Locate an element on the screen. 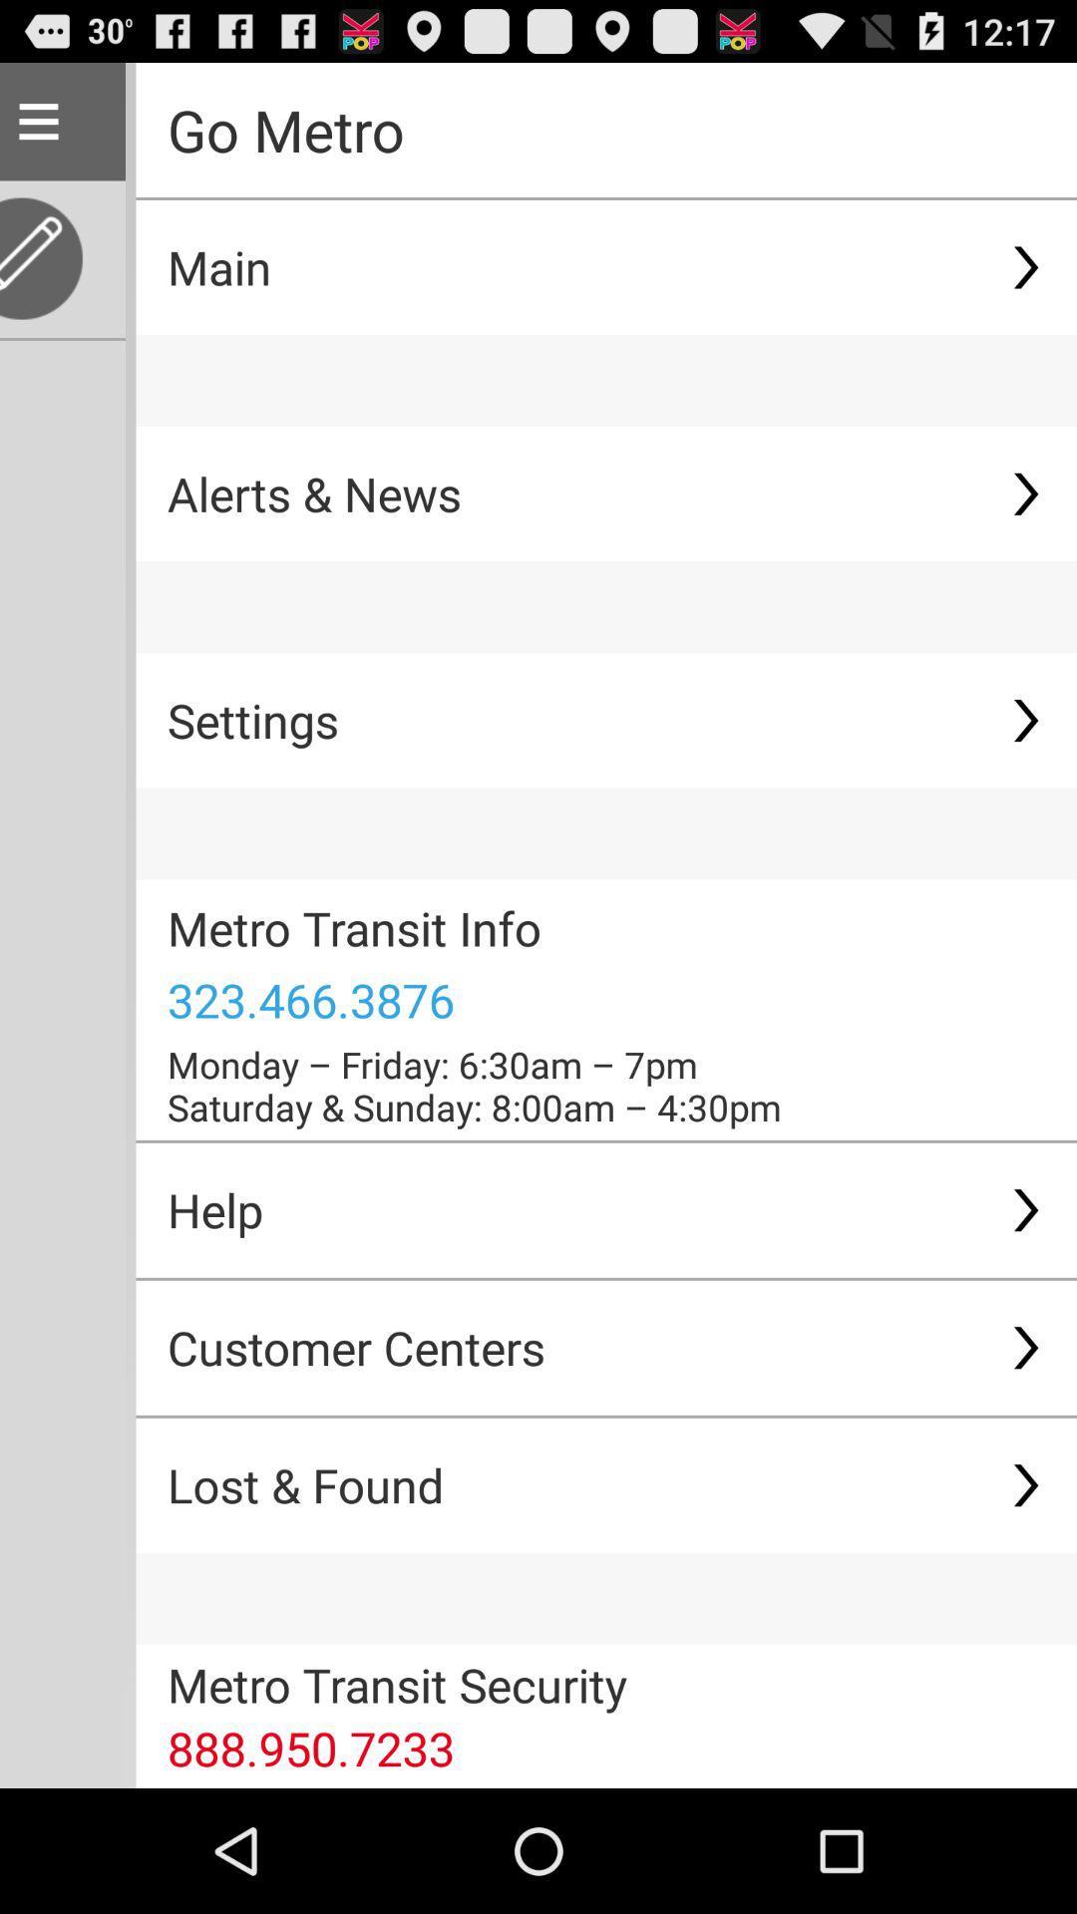  the menu icon is located at coordinates (38, 129).